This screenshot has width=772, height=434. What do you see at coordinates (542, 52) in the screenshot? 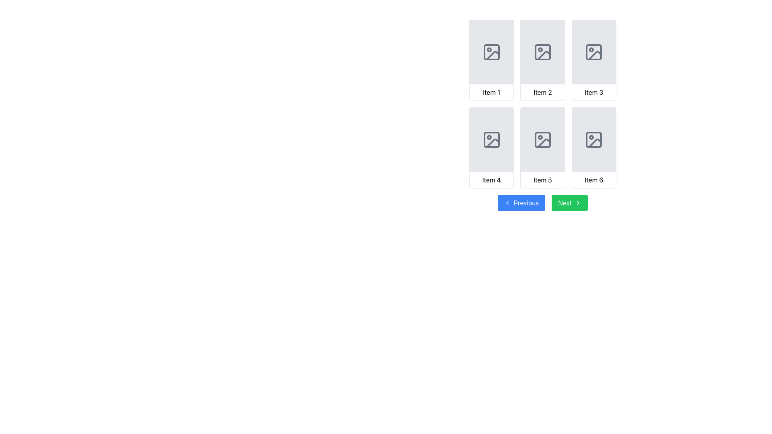
I see `the image placeholder icon located in the top row of the second column in the grid layout under the card labeled 'Item 2'` at bounding box center [542, 52].